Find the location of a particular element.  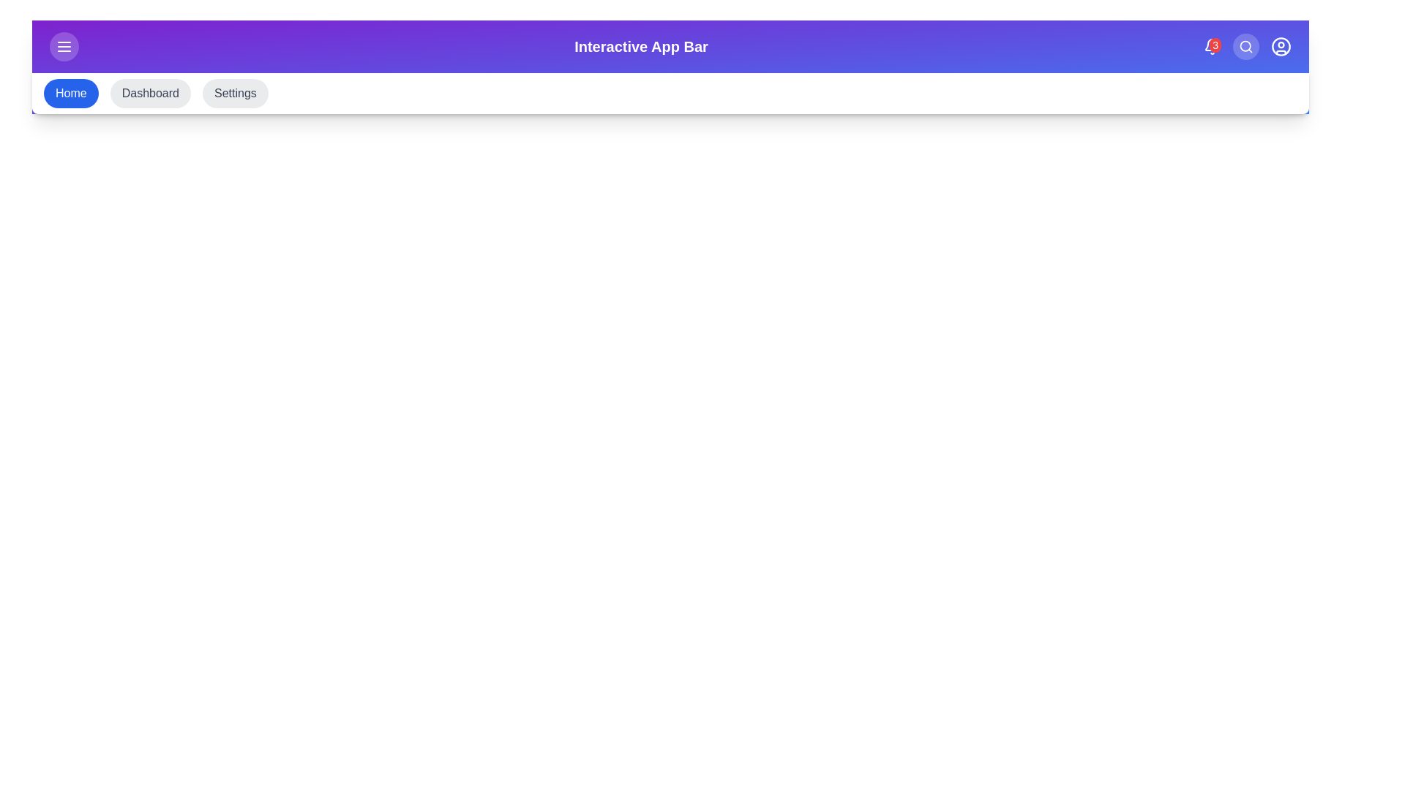

the user profile icon in the top-right corner of the app bar is located at coordinates (1281, 46).